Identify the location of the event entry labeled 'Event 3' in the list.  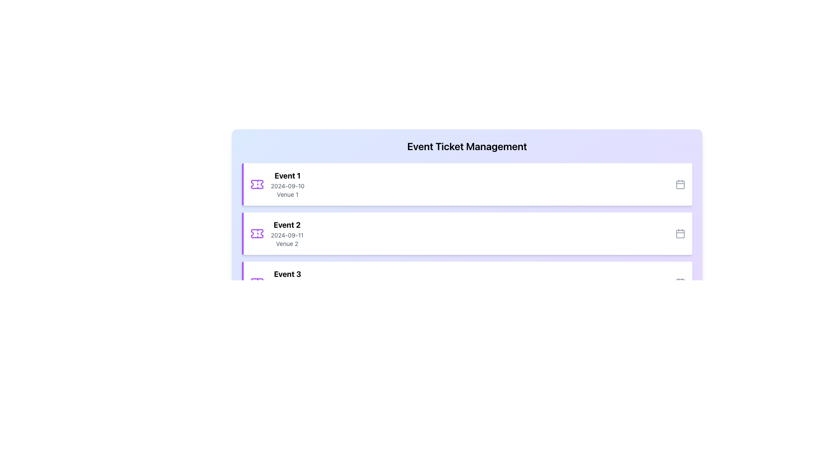
(277, 283).